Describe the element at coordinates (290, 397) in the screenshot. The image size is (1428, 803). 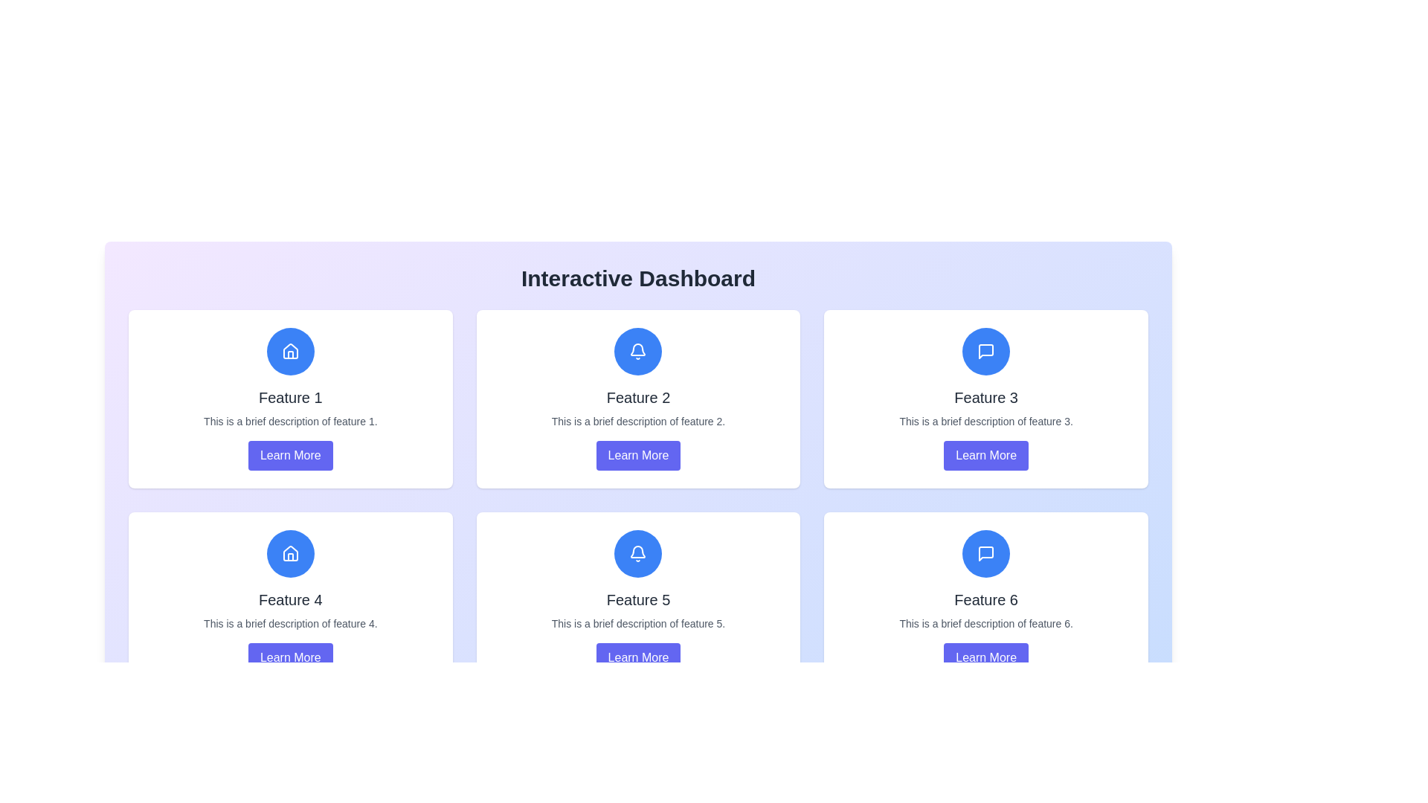
I see `the text label displaying 'Feature 1' which is styled in a large, bold, medium gray font and is positioned inside the first feature card of a grid layout` at that location.